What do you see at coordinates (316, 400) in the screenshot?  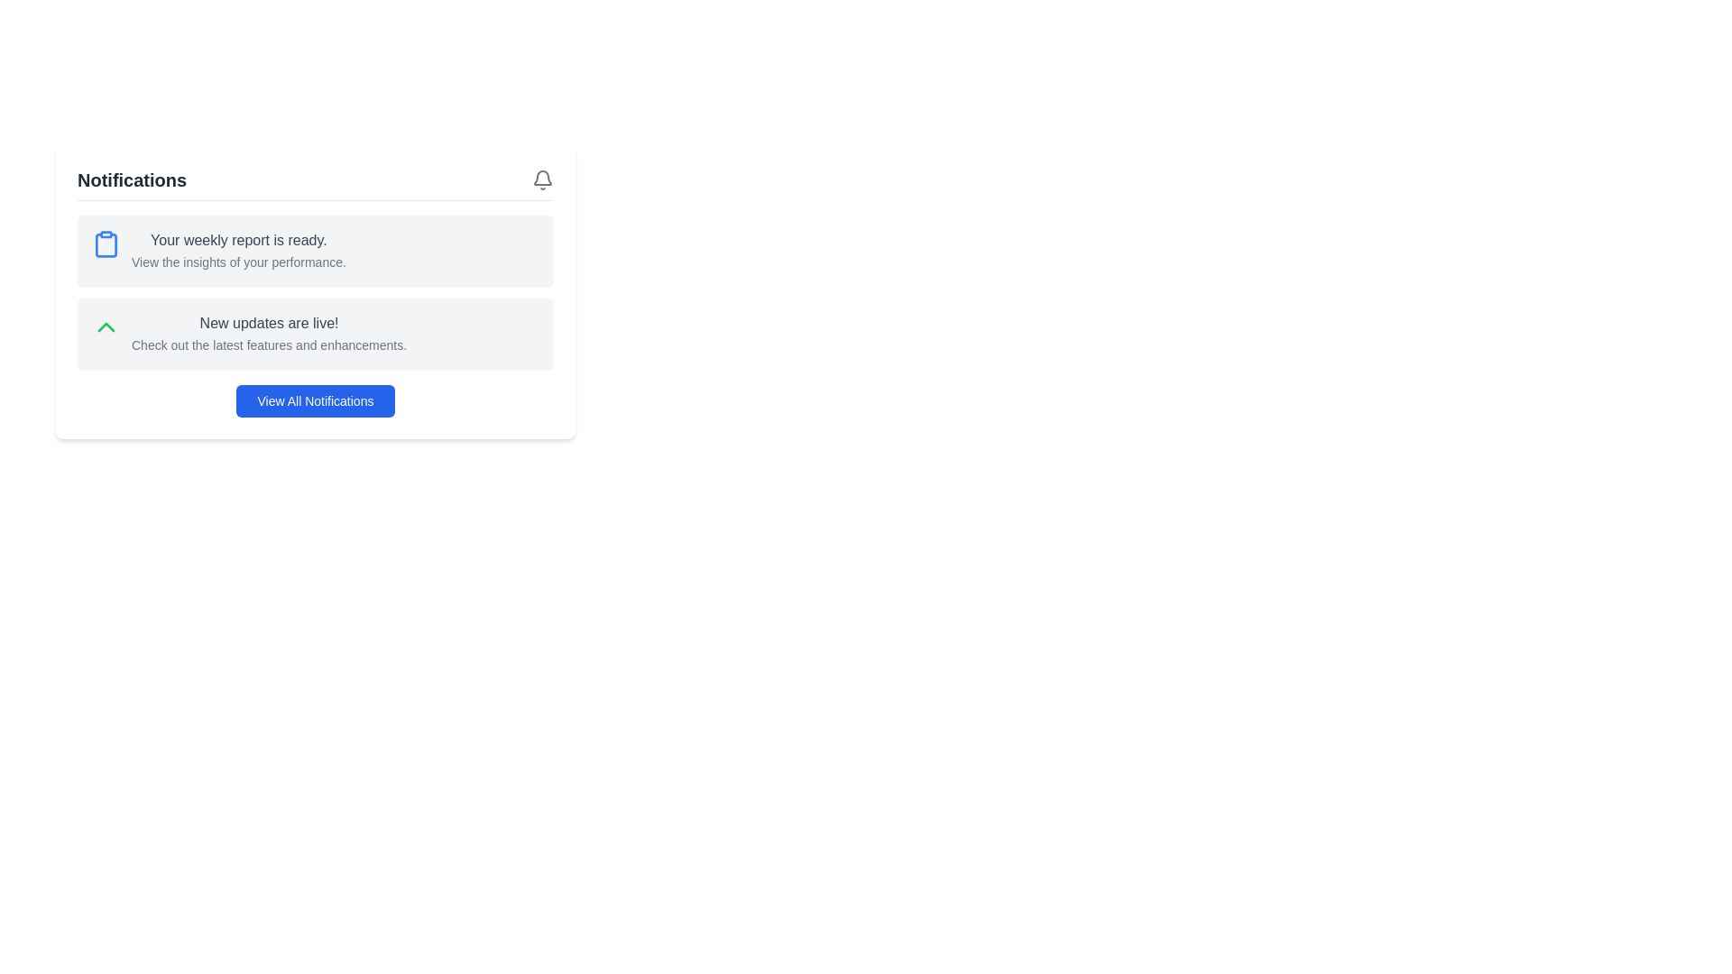 I see `the 'View All Notifications' button, which is a rectangular button with a blue background and white text, located at the bottom of the notification panel` at bounding box center [316, 400].